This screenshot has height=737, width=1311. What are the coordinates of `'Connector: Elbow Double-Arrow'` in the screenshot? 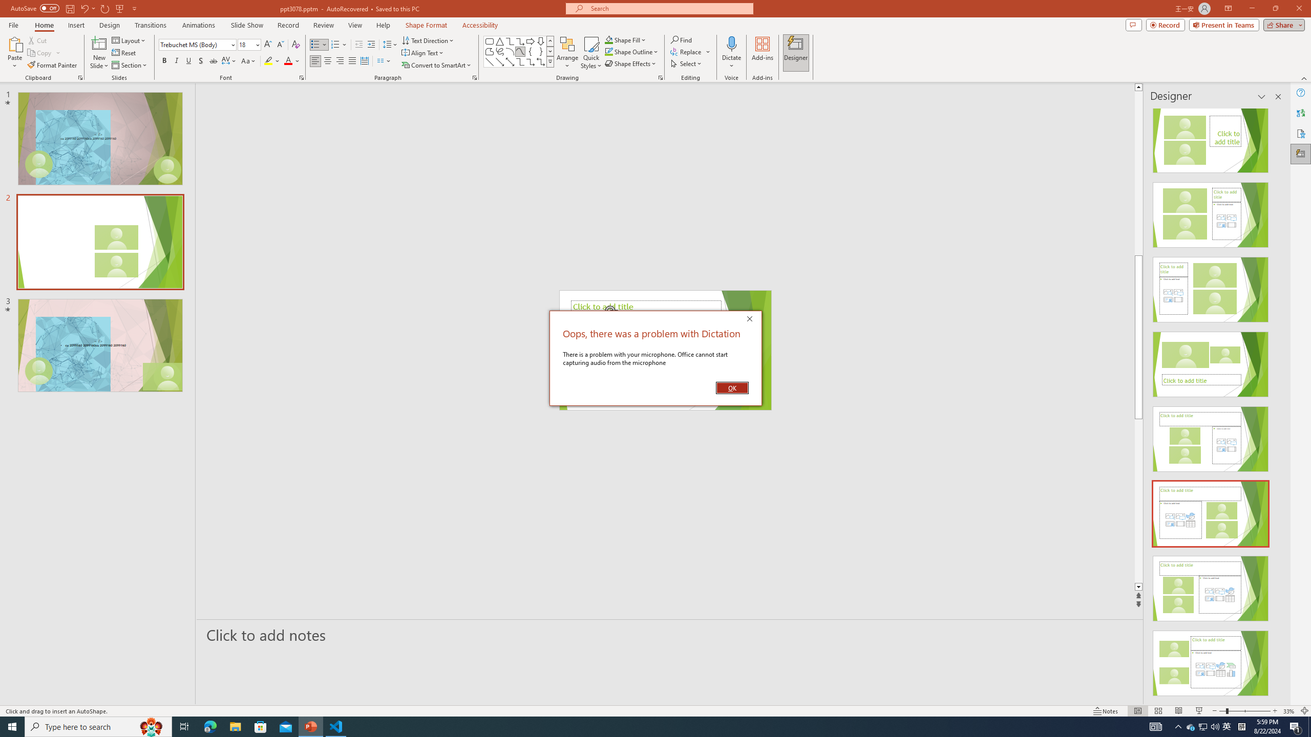 It's located at (540, 61).